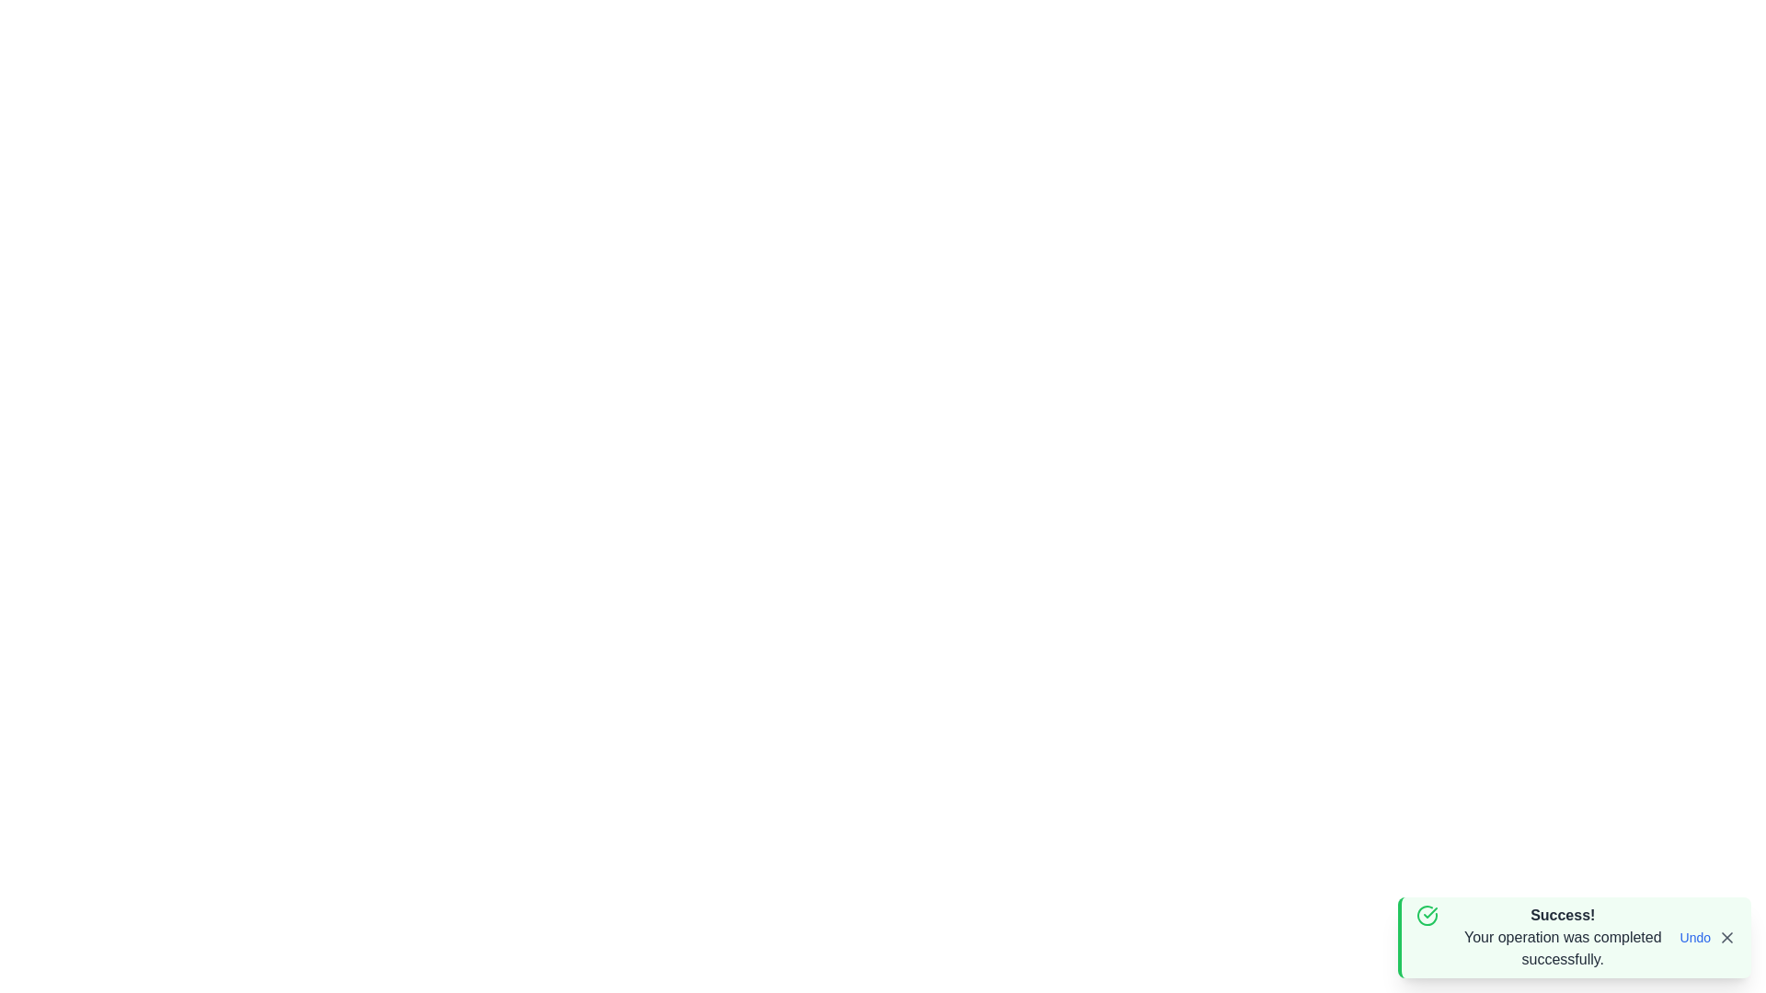  Describe the element at coordinates (1726, 937) in the screenshot. I see `close button on the snackbar to hide it` at that location.